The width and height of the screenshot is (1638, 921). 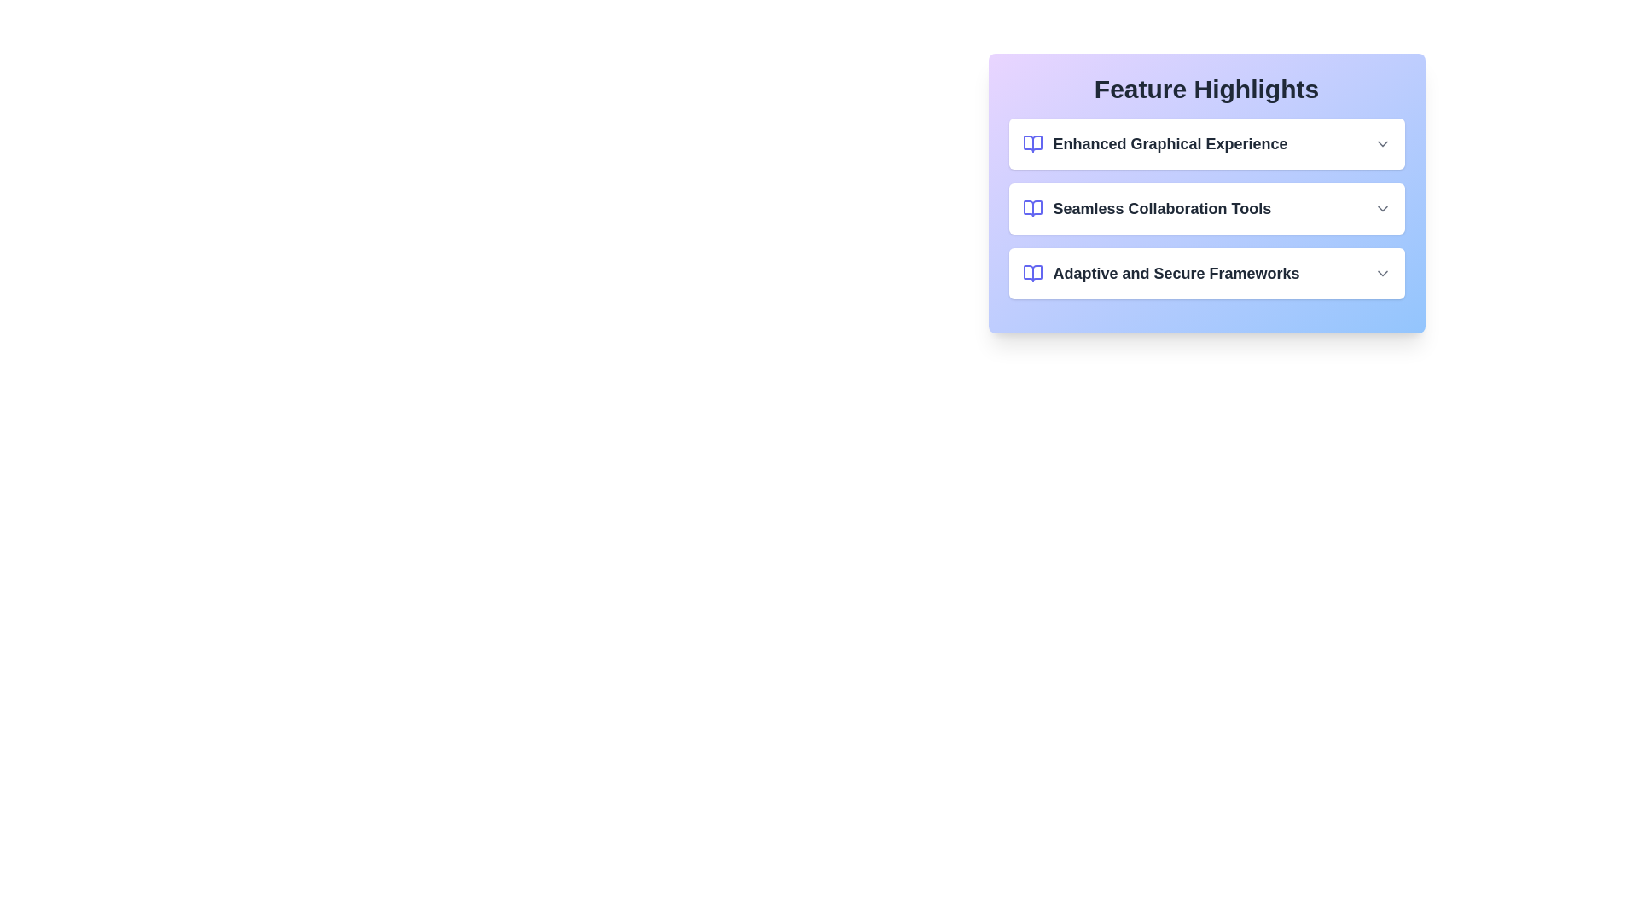 What do you see at coordinates (1031, 143) in the screenshot?
I see `the lower part of the open book icon situated to the left of the 'Enhanced Graphical Experience' label, which is part of the 'Feature Highlights' section` at bounding box center [1031, 143].